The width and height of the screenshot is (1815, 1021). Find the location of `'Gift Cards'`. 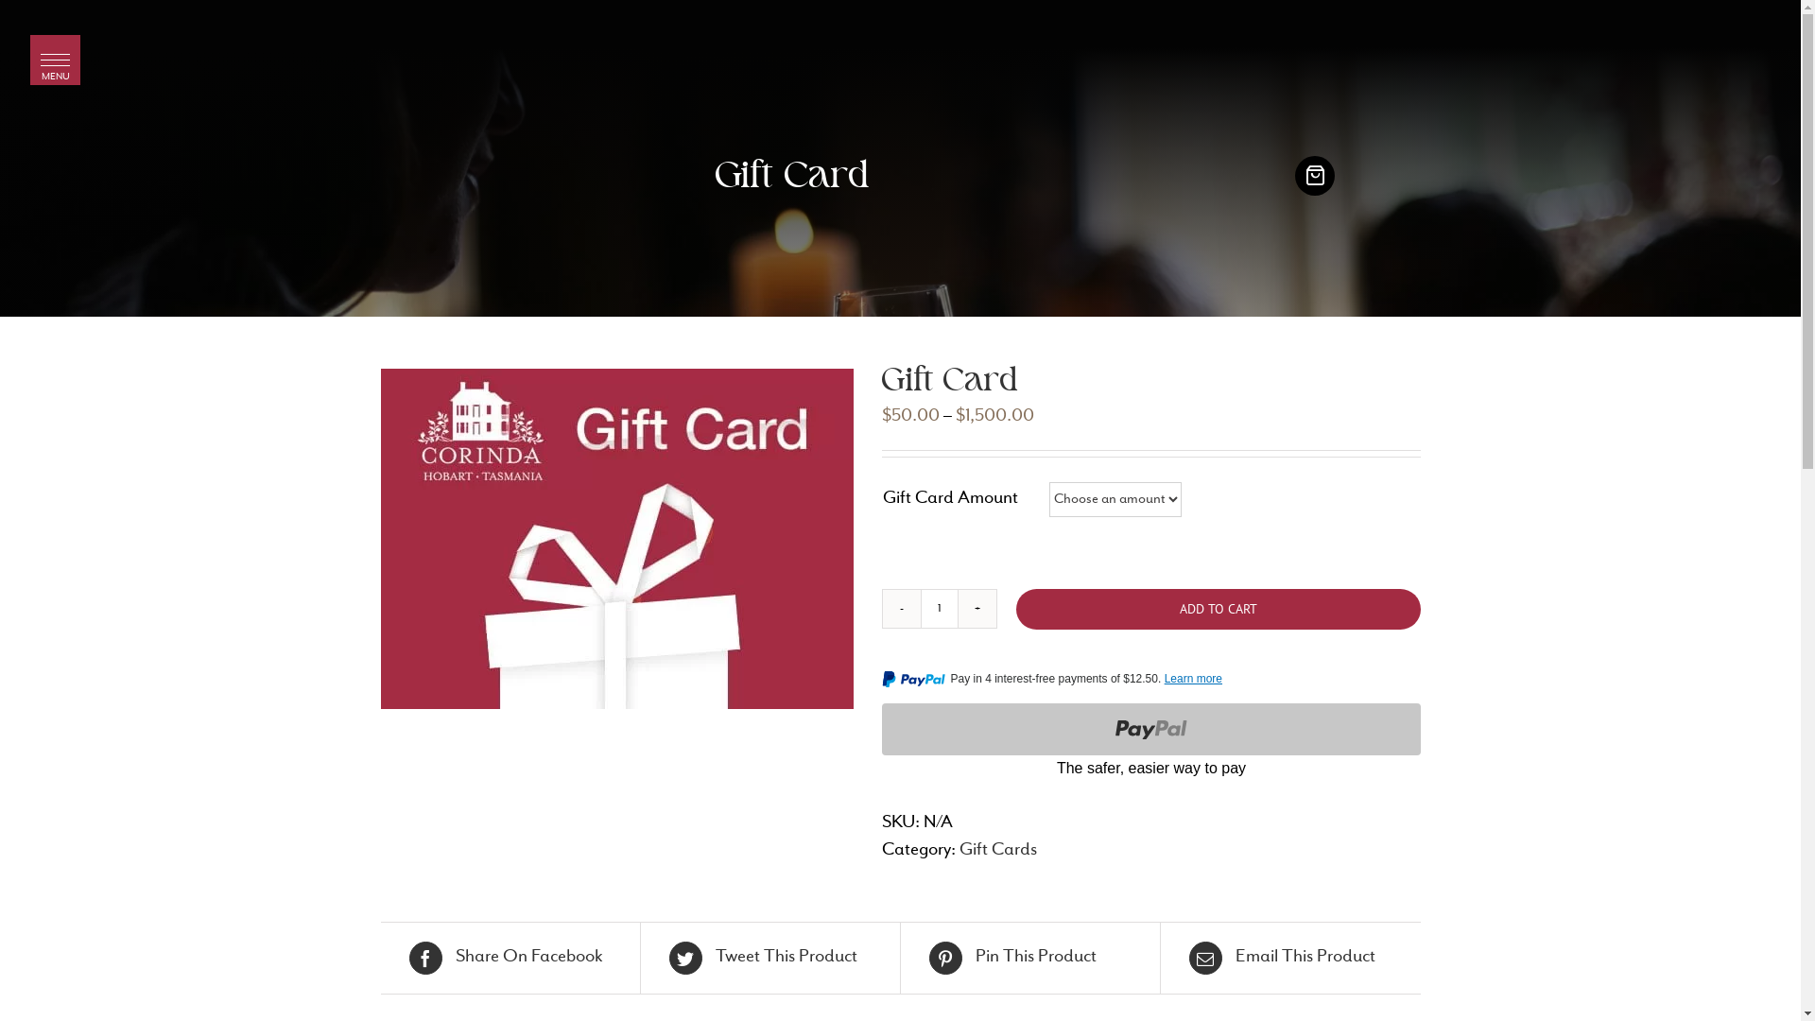

'Gift Cards' is located at coordinates (958, 849).